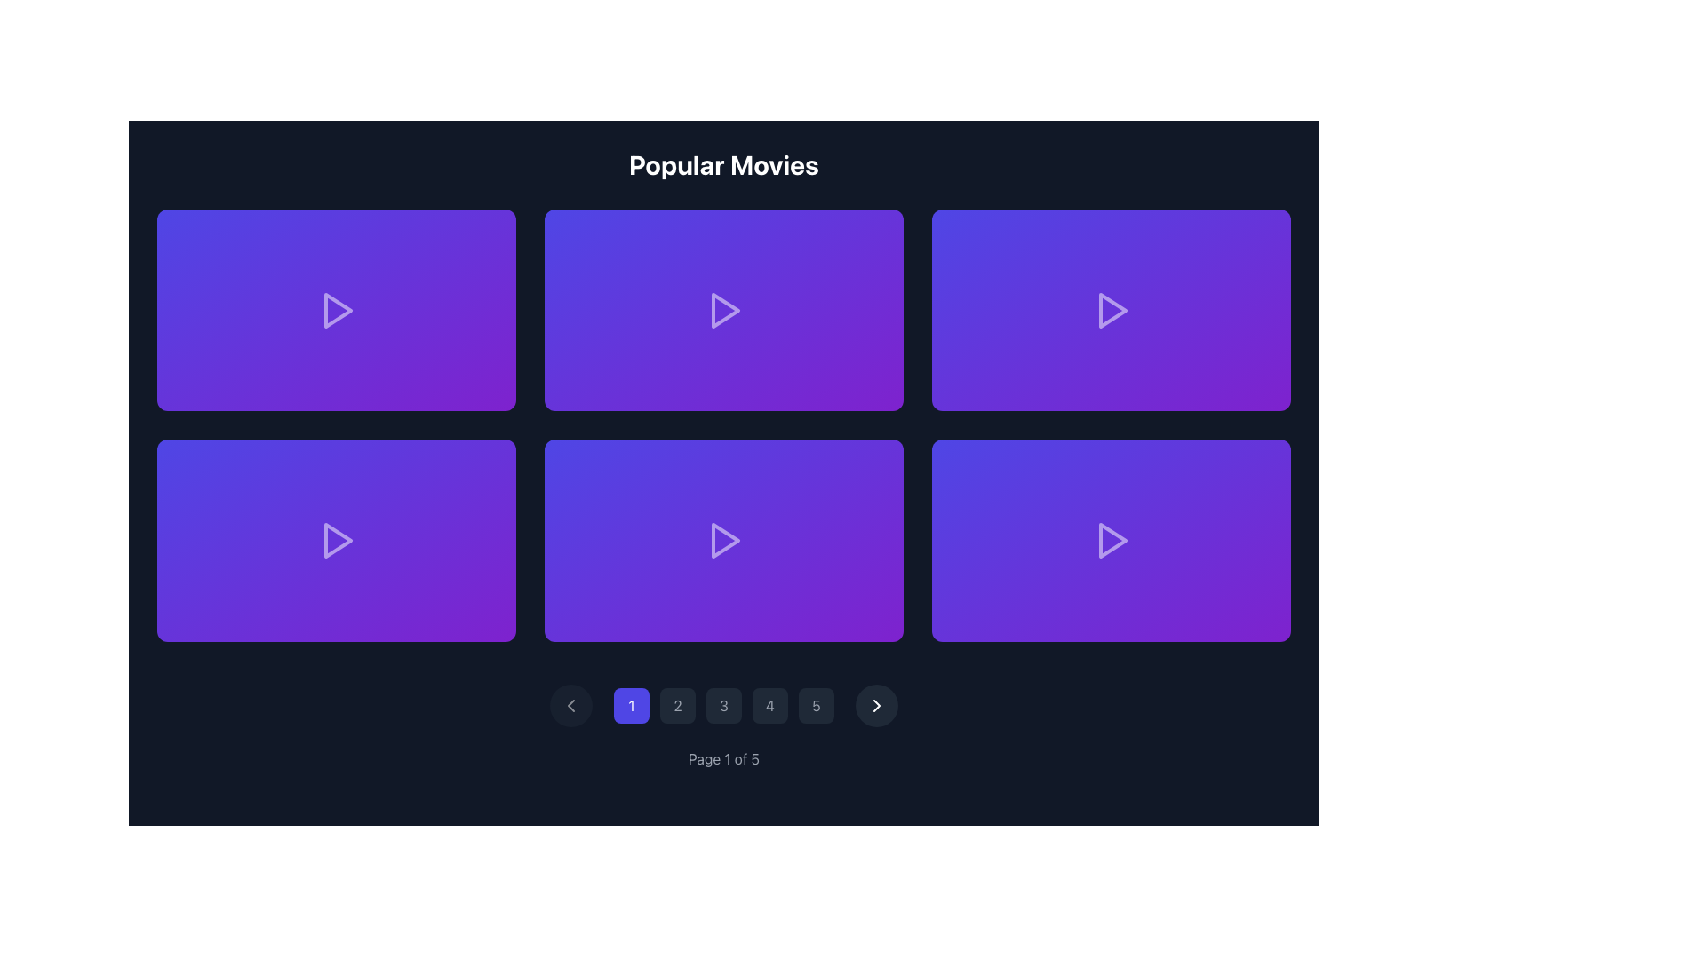 The image size is (1706, 959). What do you see at coordinates (571, 704) in the screenshot?
I see `the 'Previous Page' button located in the pagination bar at the bottom center of the interface` at bounding box center [571, 704].